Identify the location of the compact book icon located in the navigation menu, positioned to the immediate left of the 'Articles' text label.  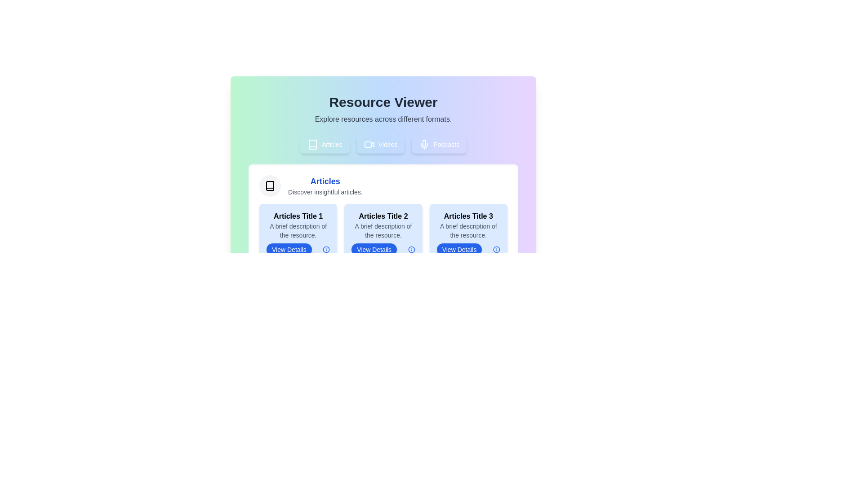
(313, 144).